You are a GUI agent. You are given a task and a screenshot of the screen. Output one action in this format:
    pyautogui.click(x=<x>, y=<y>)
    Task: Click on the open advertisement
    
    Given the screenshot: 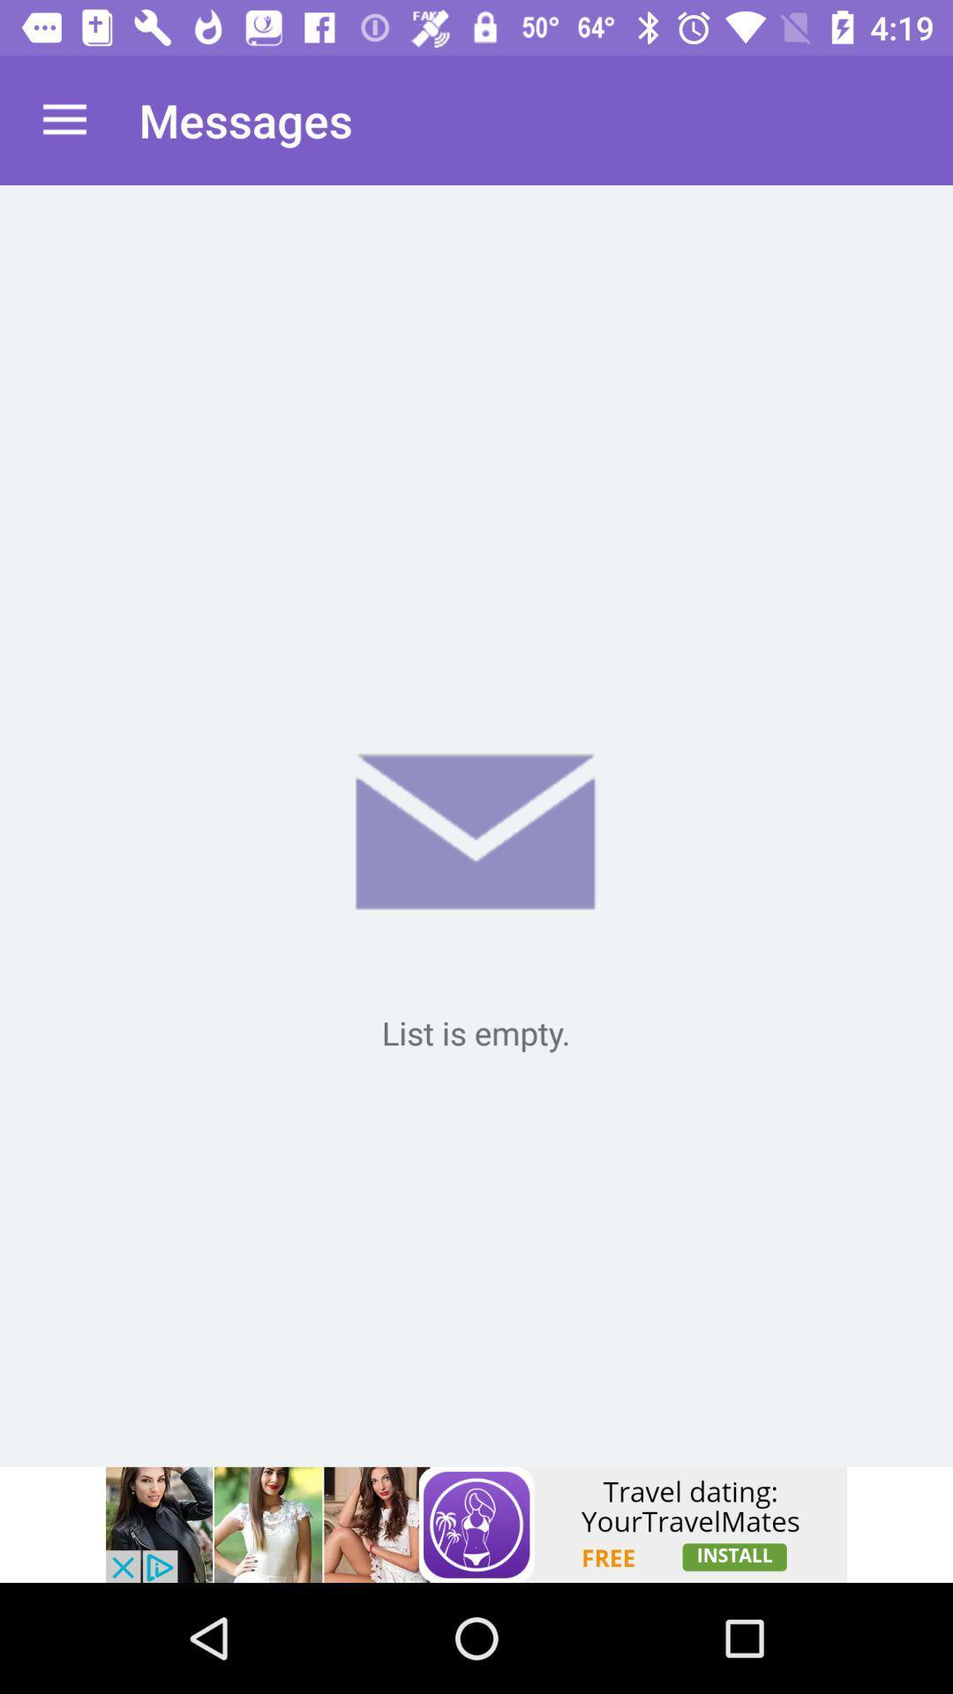 What is the action you would take?
    pyautogui.click(x=476, y=1524)
    